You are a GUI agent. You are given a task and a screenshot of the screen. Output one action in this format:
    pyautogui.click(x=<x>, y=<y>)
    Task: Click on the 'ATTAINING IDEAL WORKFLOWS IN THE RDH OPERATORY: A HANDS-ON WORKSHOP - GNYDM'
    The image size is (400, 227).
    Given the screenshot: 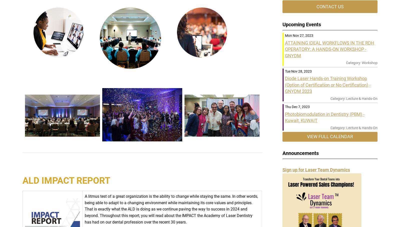 What is the action you would take?
    pyautogui.click(x=329, y=49)
    